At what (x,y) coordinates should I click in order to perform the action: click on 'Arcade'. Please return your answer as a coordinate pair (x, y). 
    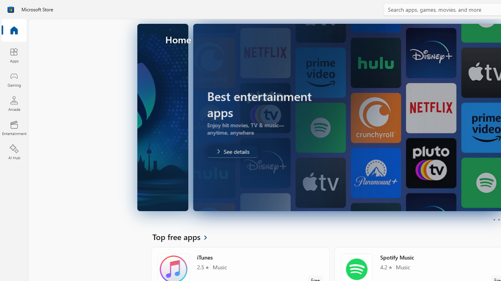
    Looking at the image, I should click on (14, 103).